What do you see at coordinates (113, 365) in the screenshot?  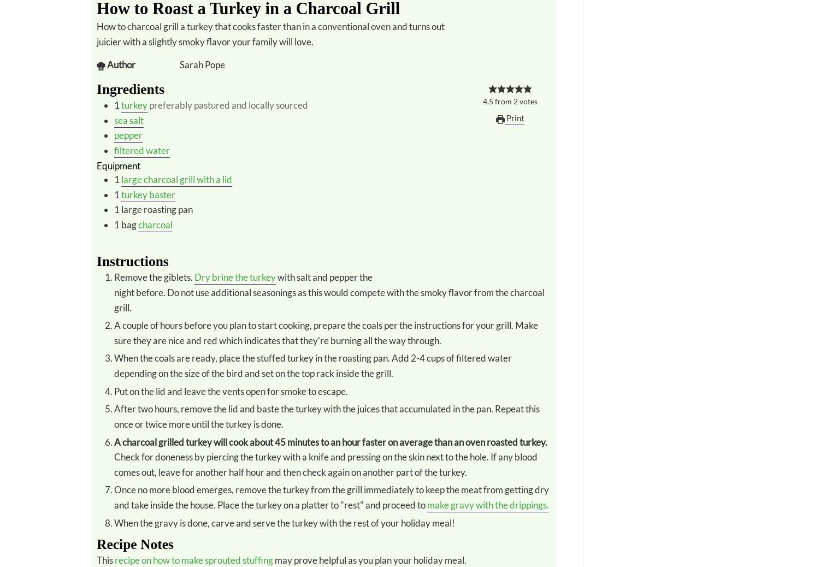 I see `'When the coals are ready, place the stuffed turkey in the roasting pan. Add 2-4 cups of filtered water depending on the size of the bird and set on the top rack inside the grill.'` at bounding box center [113, 365].